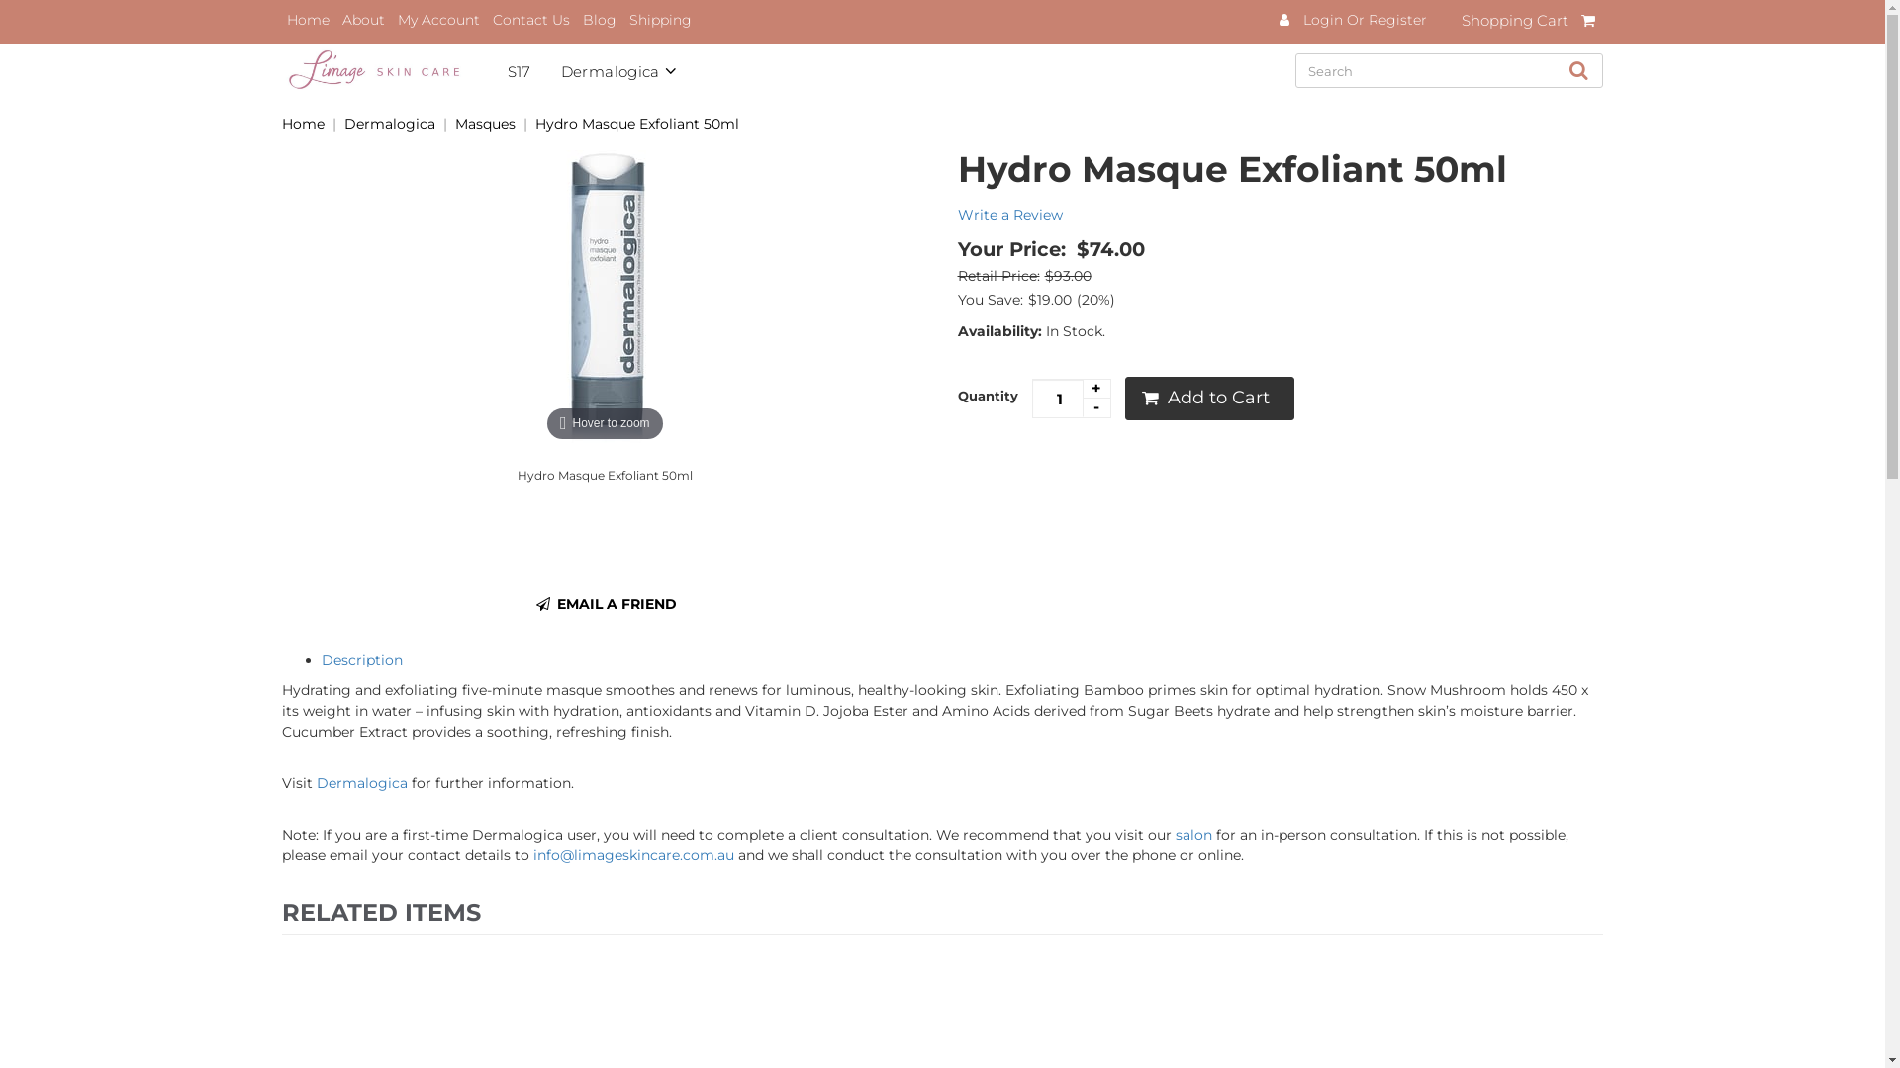 The image size is (1900, 1068). I want to click on 'Hover to zoom', so click(603, 297).